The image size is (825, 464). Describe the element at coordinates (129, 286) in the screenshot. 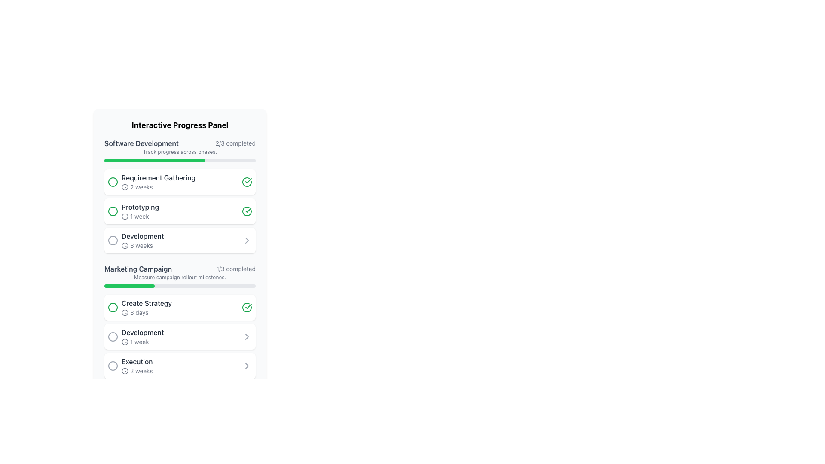

I see `the green progress bar indicating 33% completion located below the 'Marketing Campaign' section heading` at that location.